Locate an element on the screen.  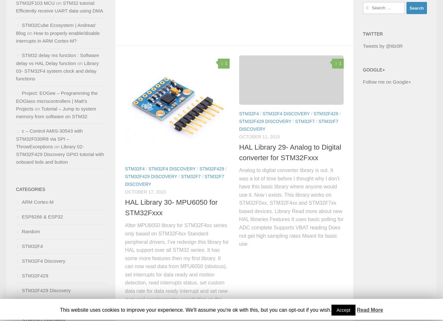
'How to properly enable/disable interrupts in ARM Cortex-M?' is located at coordinates (57, 37).